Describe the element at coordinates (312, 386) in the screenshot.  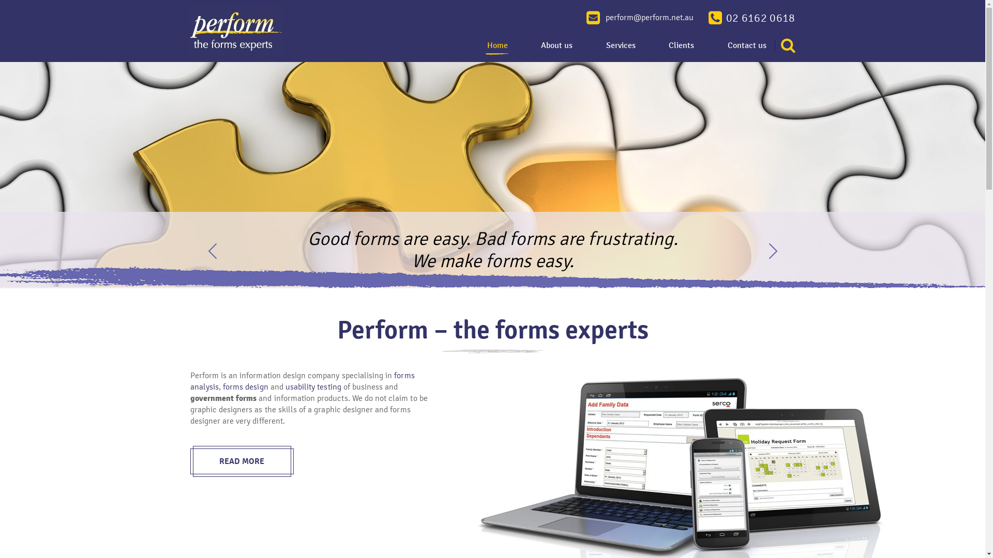
I see `'usability testing'` at that location.